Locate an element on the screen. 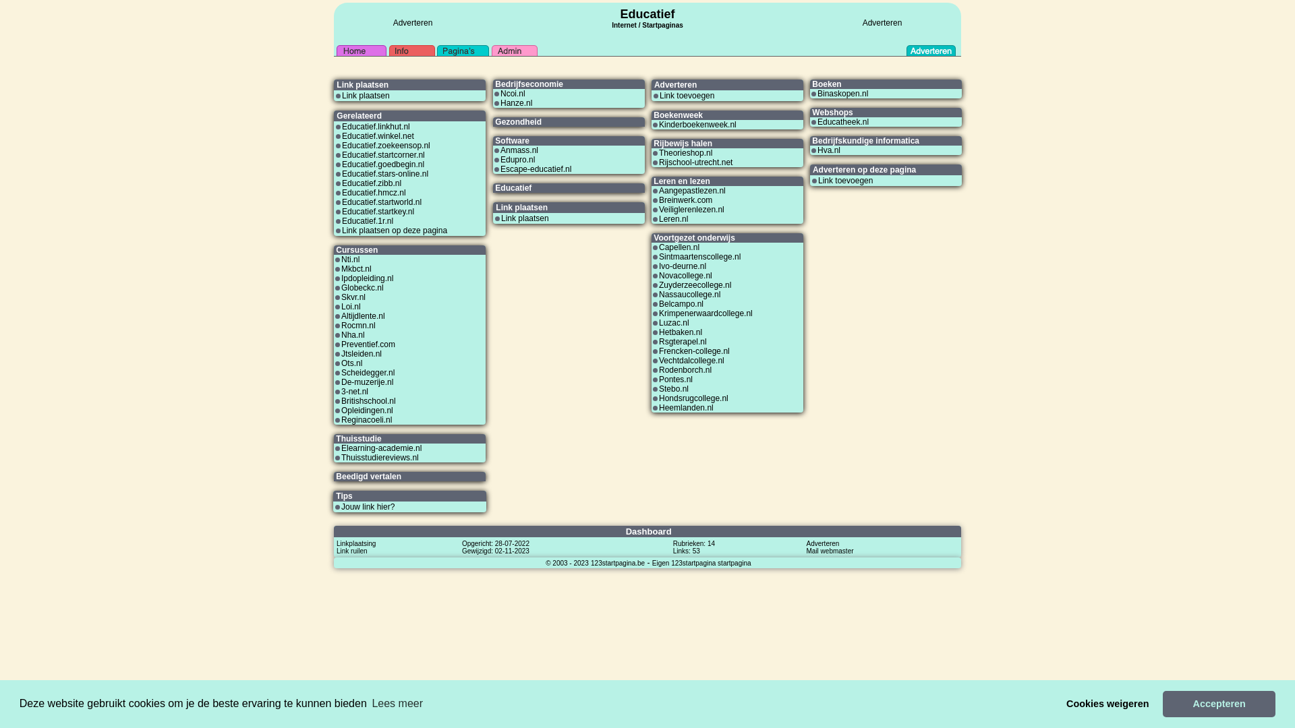  'Nti.nl' is located at coordinates (350, 260).